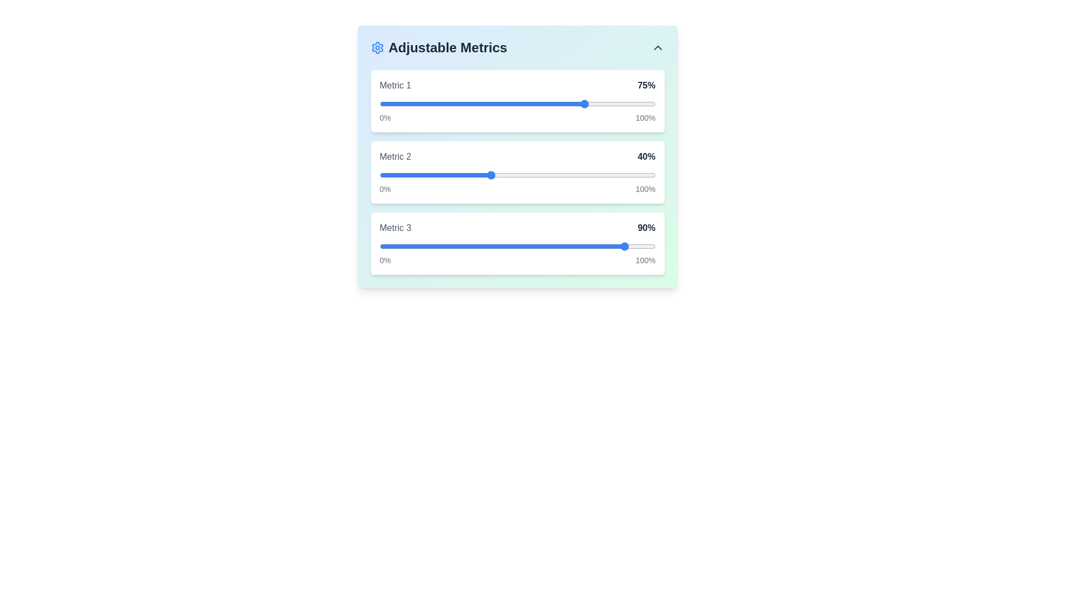 The height and width of the screenshot is (601, 1068). What do you see at coordinates (633, 104) in the screenshot?
I see `the slider` at bounding box center [633, 104].